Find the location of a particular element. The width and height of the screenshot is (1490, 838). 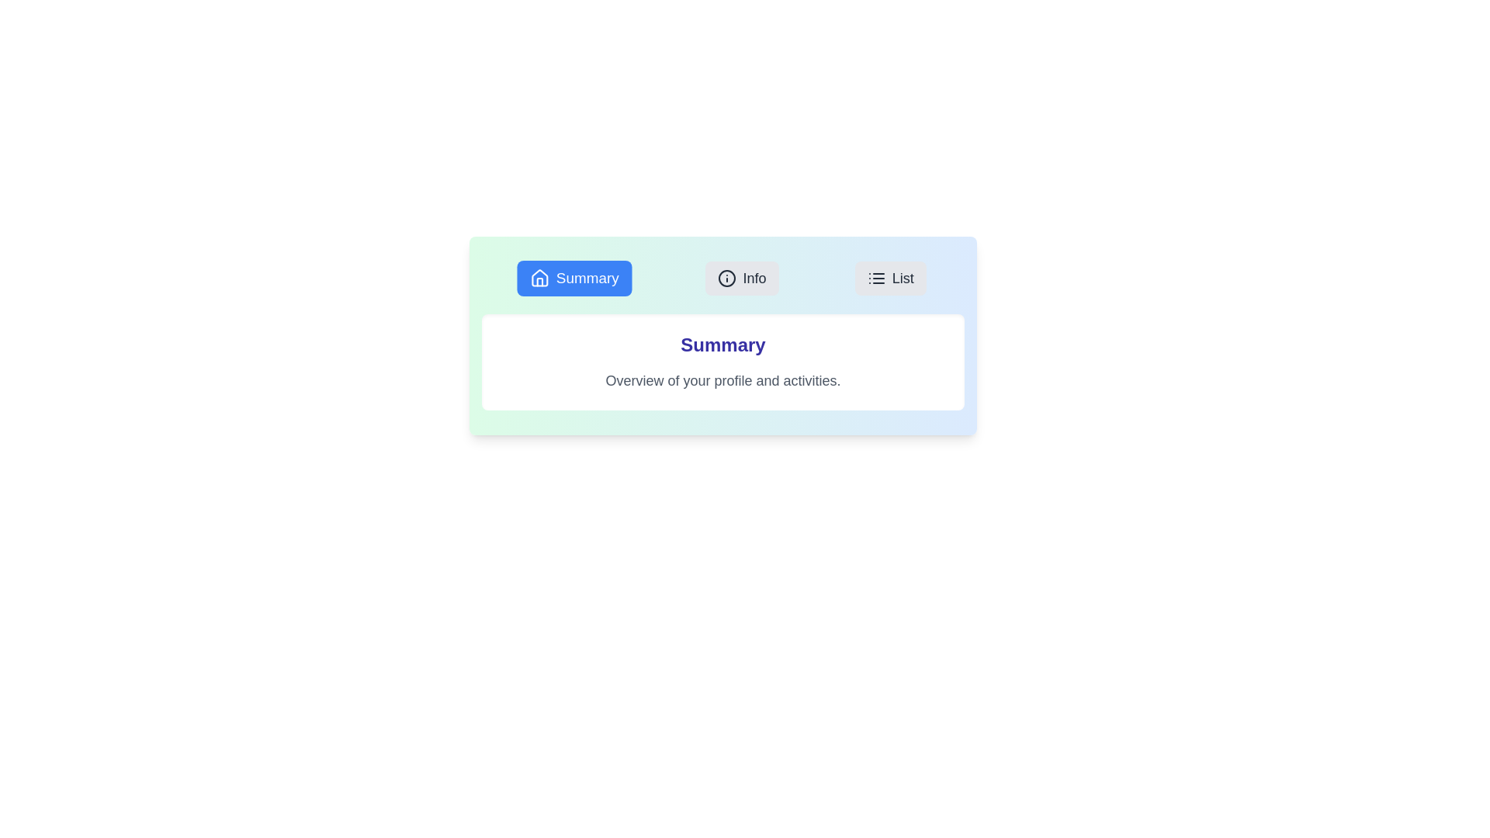

the tab labeled List to view its content is located at coordinates (890, 277).